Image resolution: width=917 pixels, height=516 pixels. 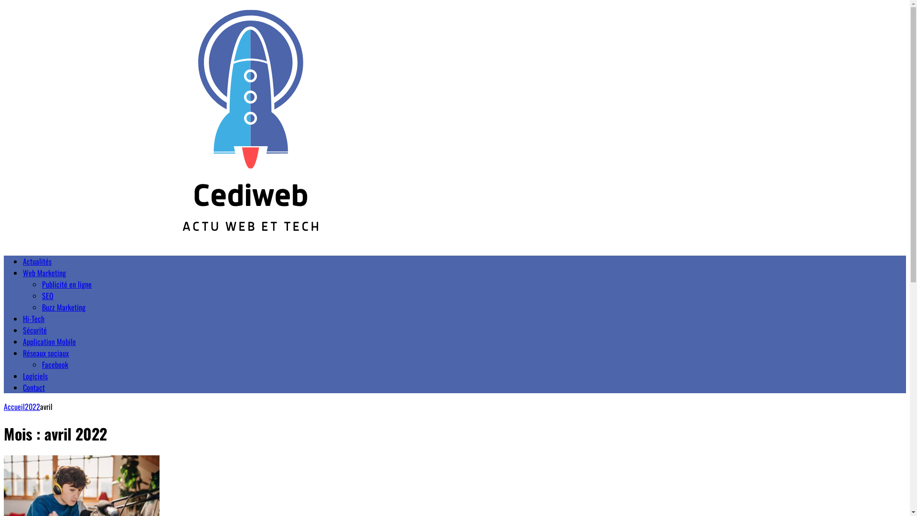 What do you see at coordinates (43, 272) in the screenshot?
I see `'Web Marketing'` at bounding box center [43, 272].